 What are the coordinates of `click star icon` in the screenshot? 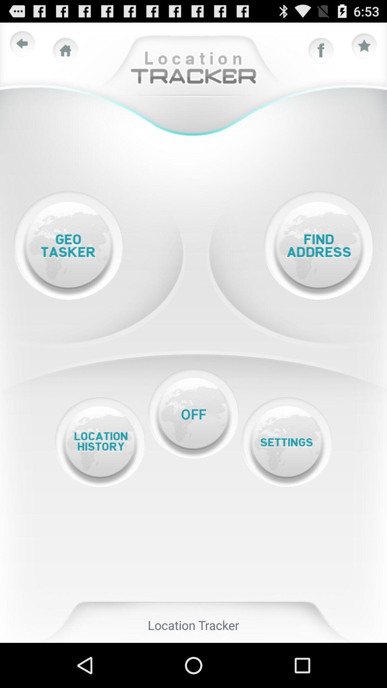 It's located at (364, 46).